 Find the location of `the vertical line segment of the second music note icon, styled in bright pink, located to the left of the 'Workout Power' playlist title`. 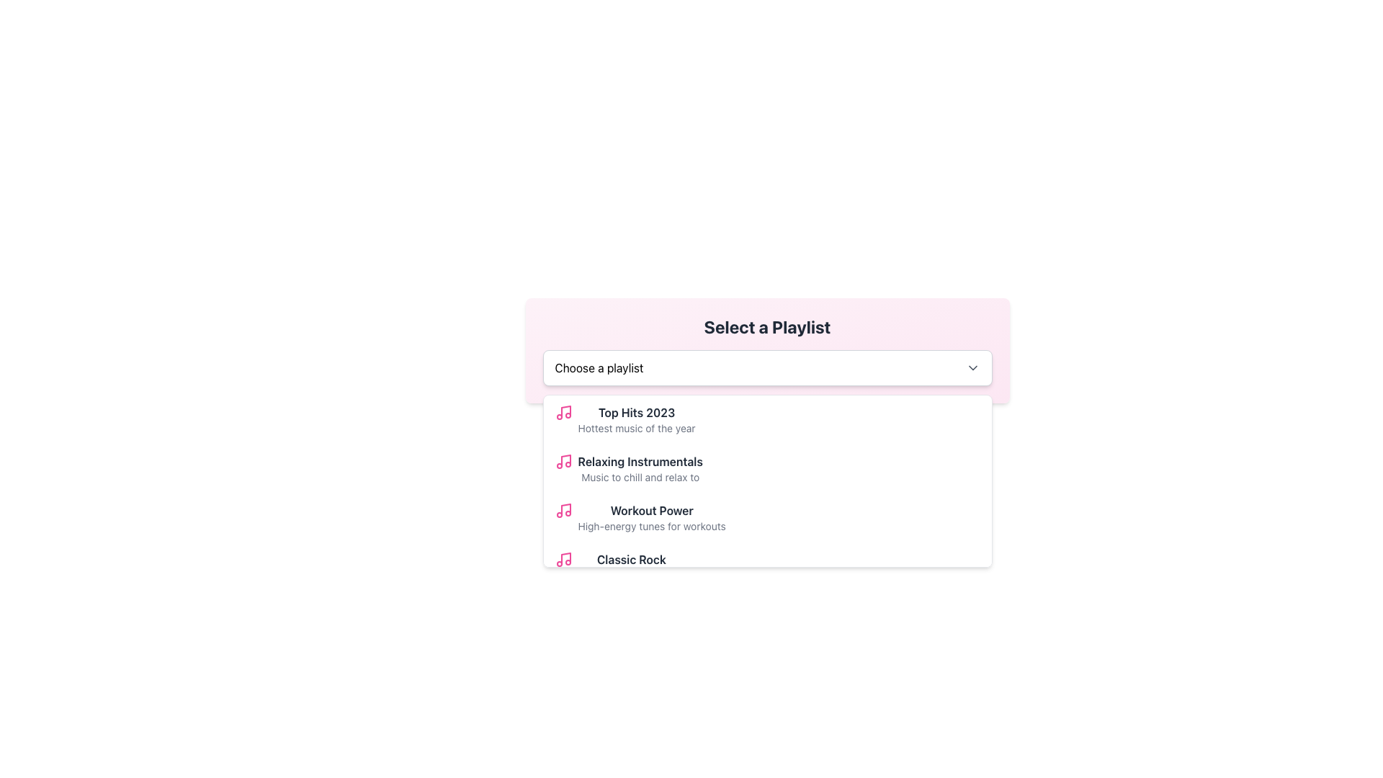

the vertical line segment of the second music note icon, styled in bright pink, located to the left of the 'Workout Power' playlist title is located at coordinates (565, 509).